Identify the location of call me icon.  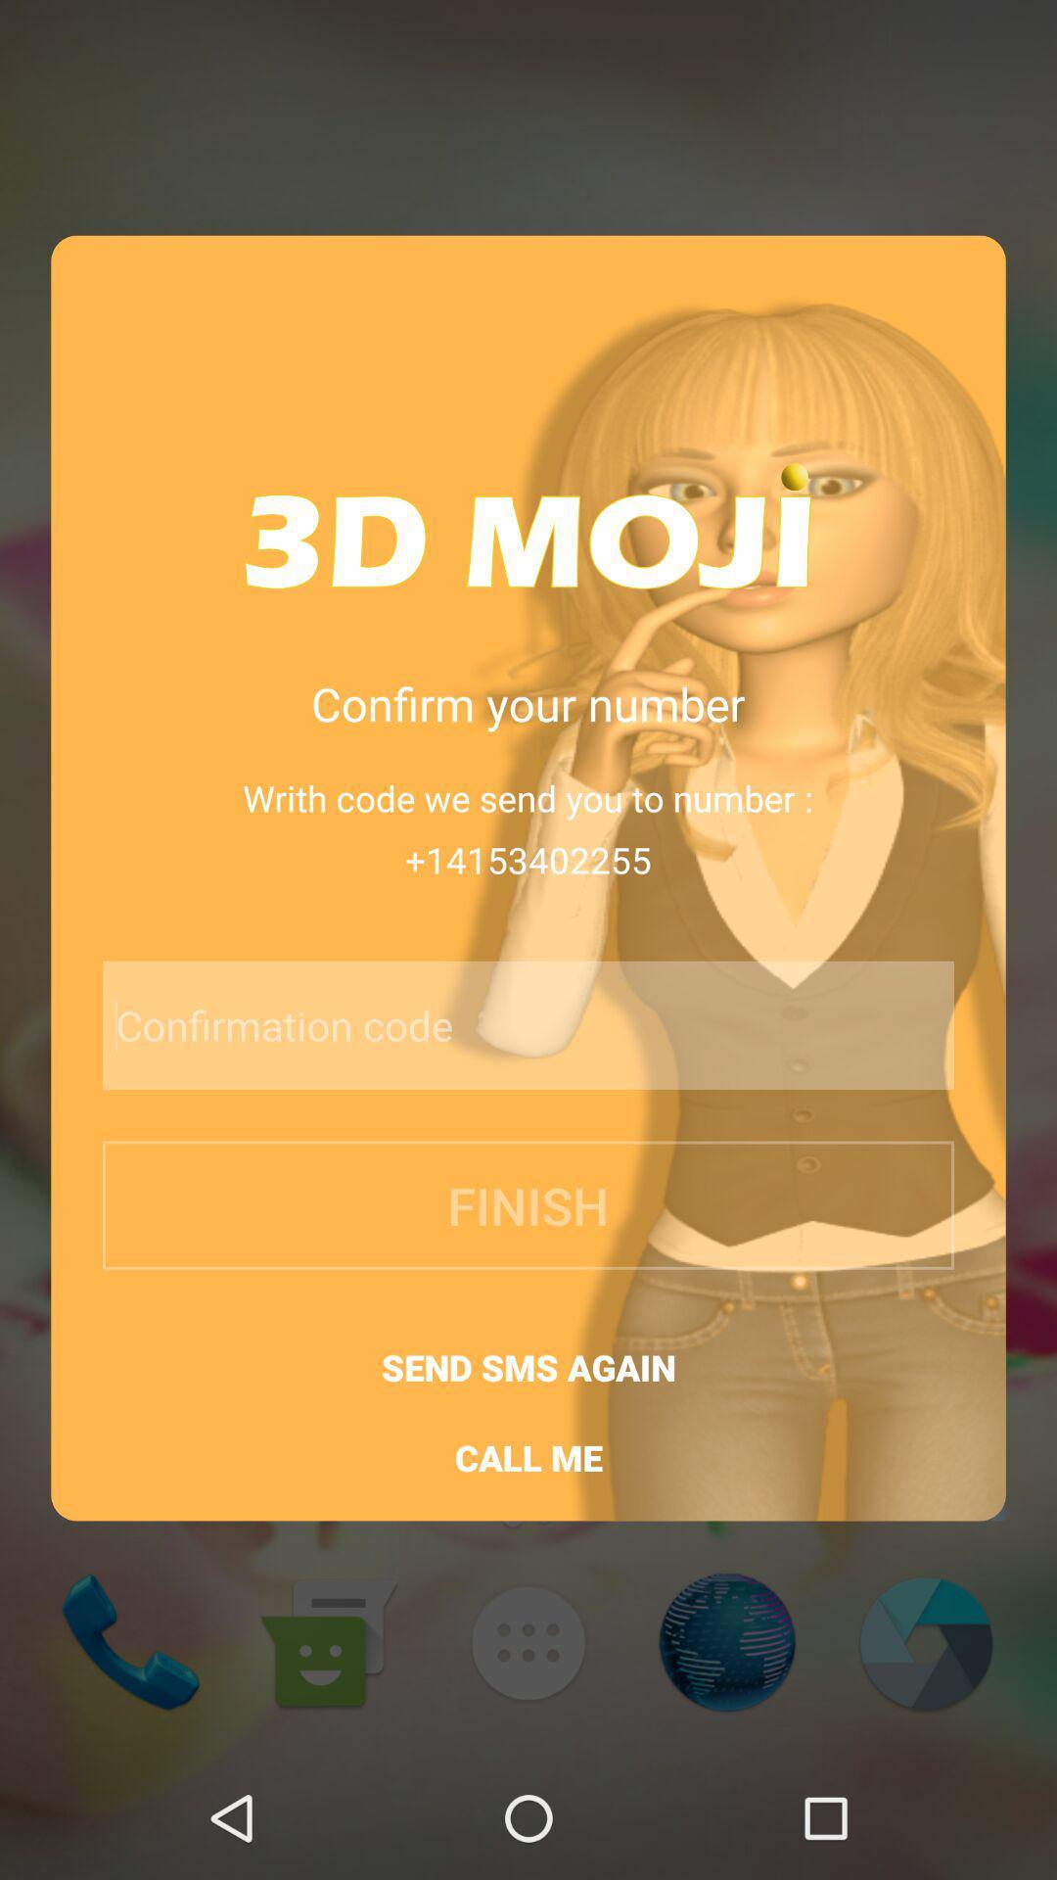
(528, 1458).